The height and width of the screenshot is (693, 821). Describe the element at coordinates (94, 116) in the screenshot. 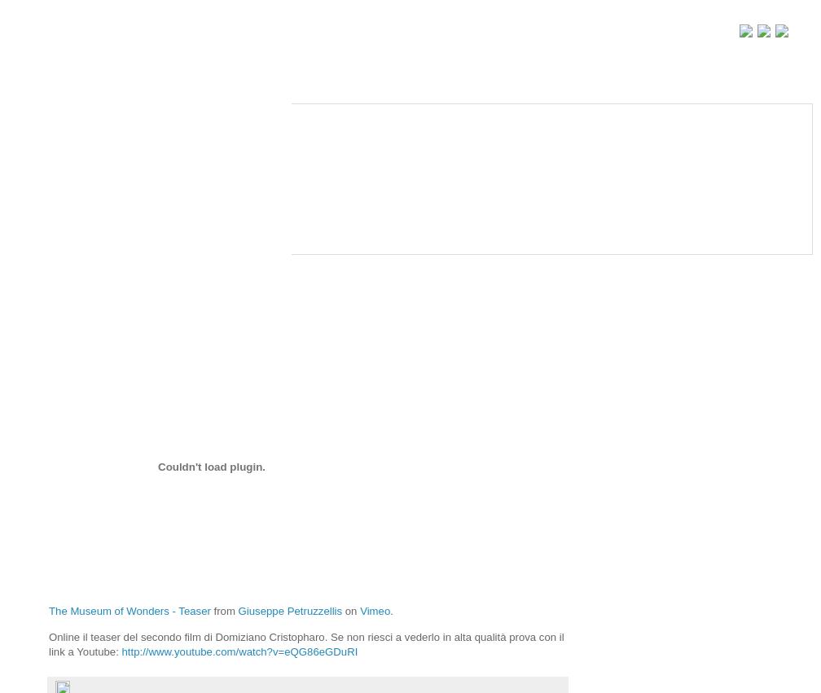

I see `'HOME / NEWS'` at that location.